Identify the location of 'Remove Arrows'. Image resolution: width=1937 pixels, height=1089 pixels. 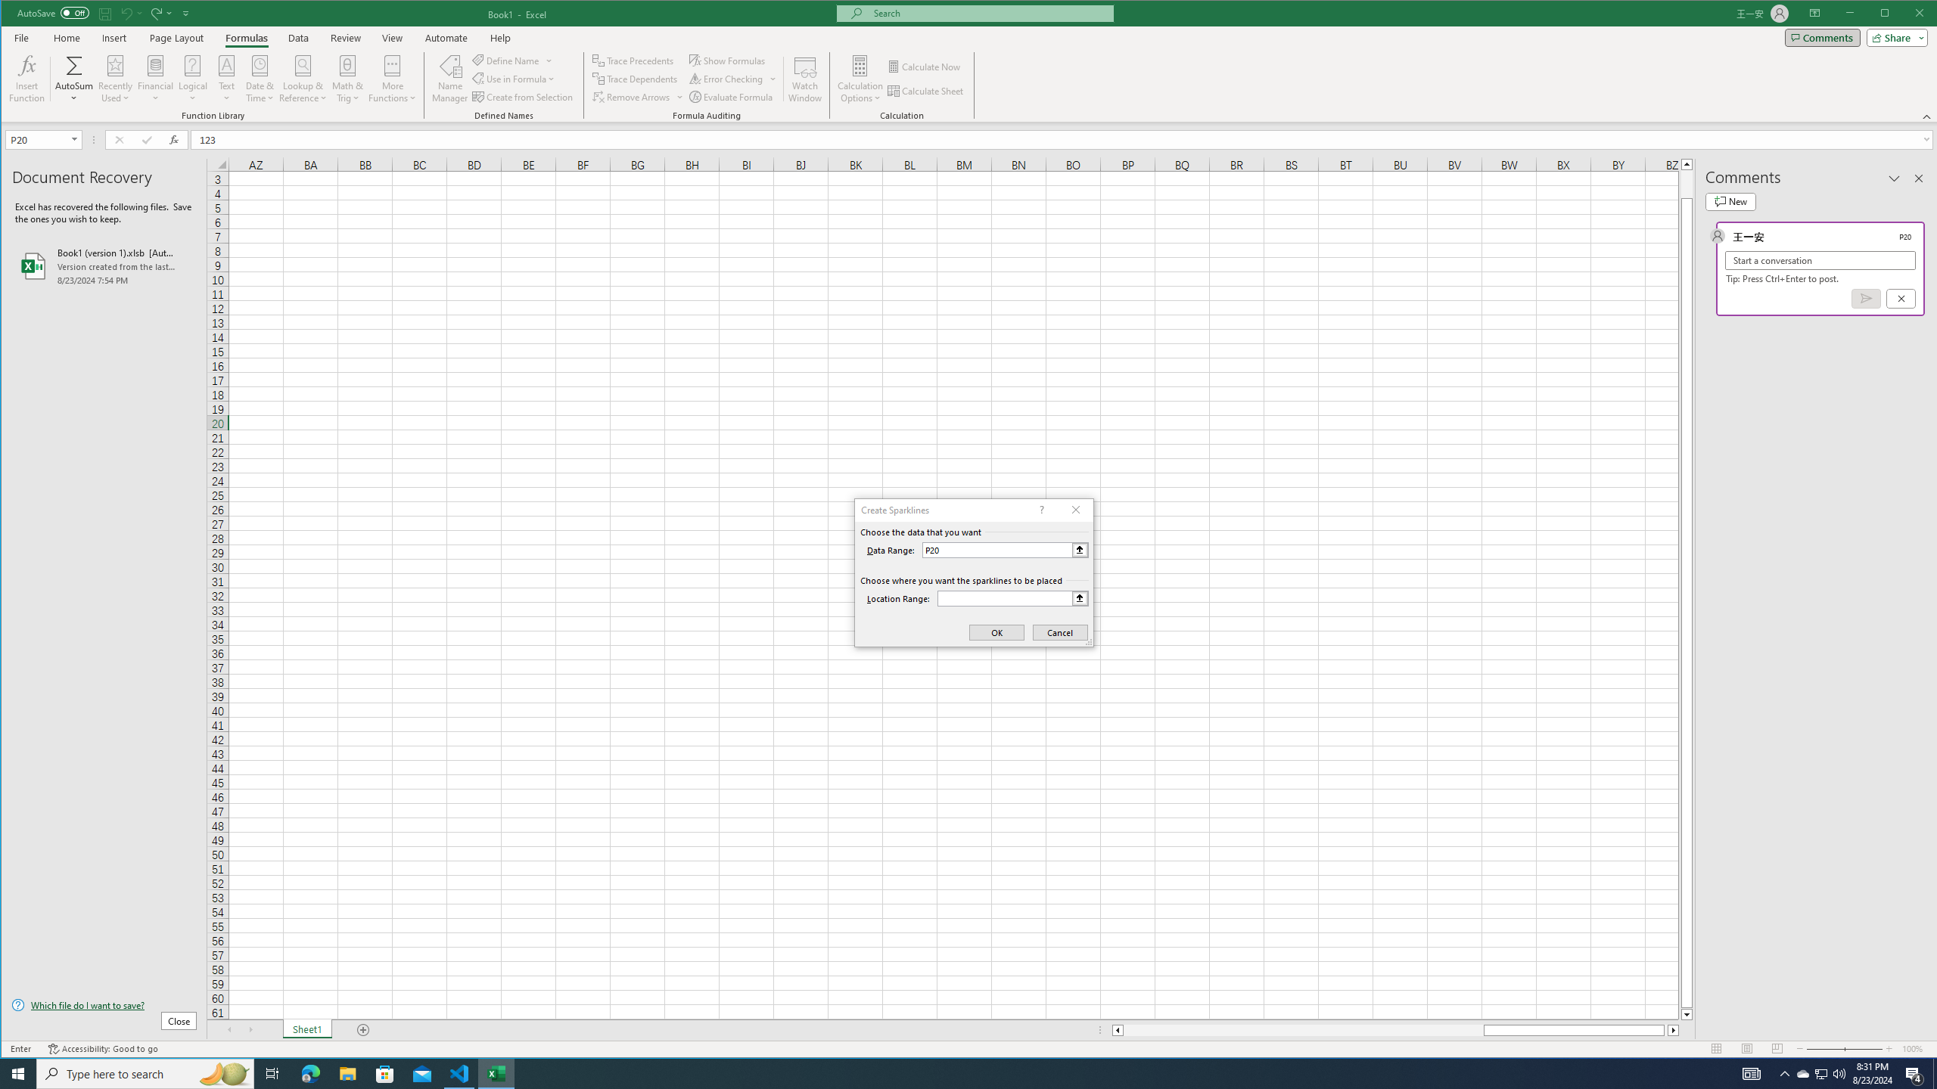
(632, 96).